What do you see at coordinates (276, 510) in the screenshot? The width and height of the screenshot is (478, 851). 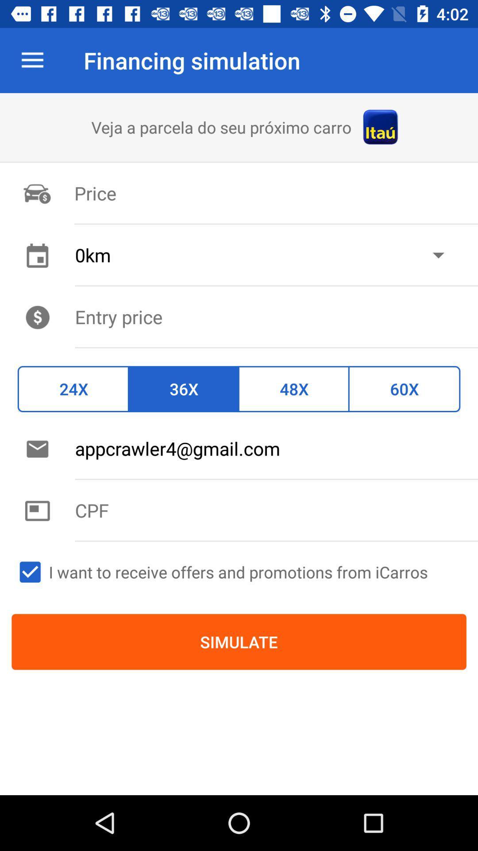 I see `text box to enter` at bounding box center [276, 510].